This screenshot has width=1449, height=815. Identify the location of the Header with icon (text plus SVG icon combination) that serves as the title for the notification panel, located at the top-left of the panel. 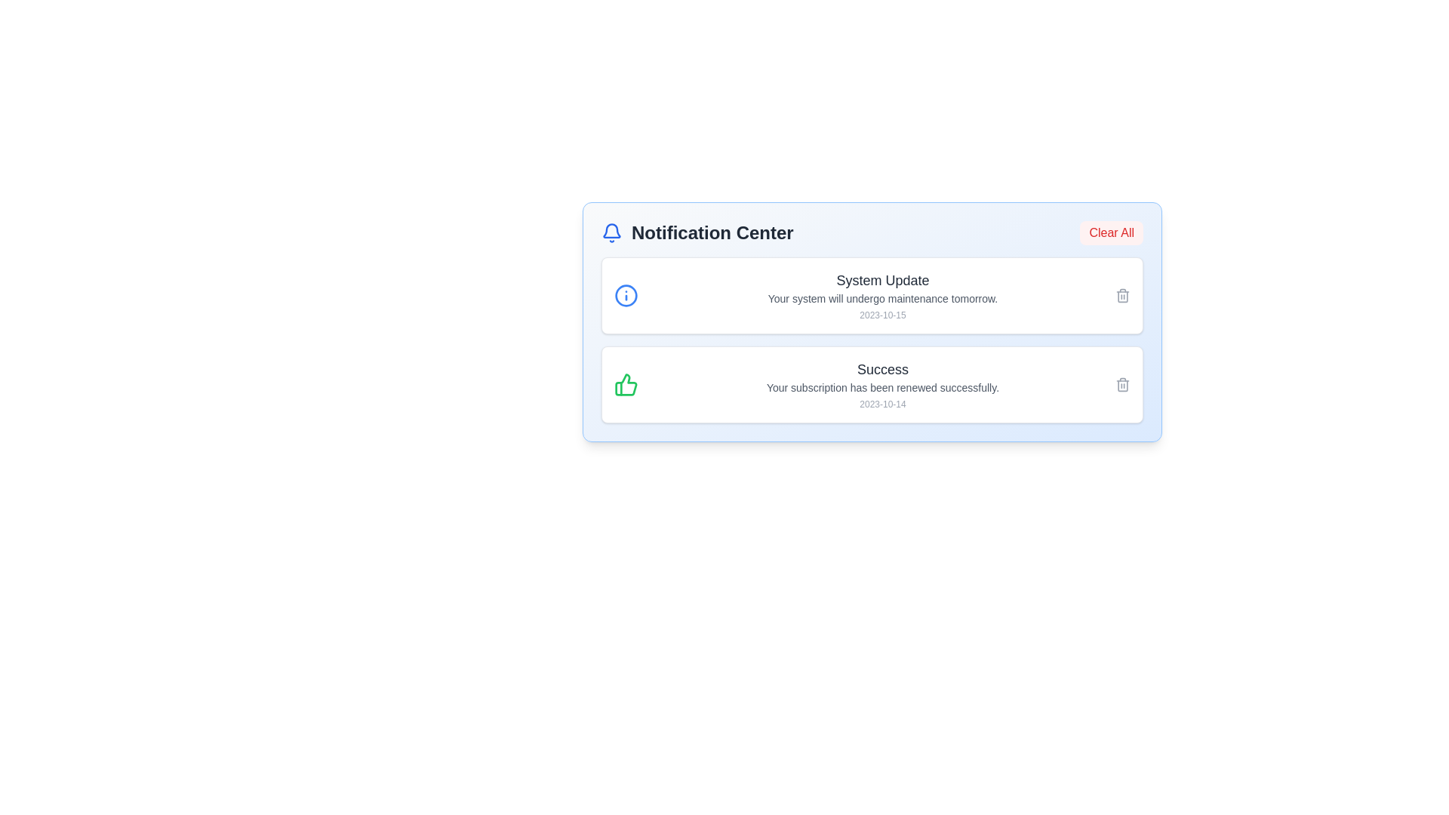
(697, 232).